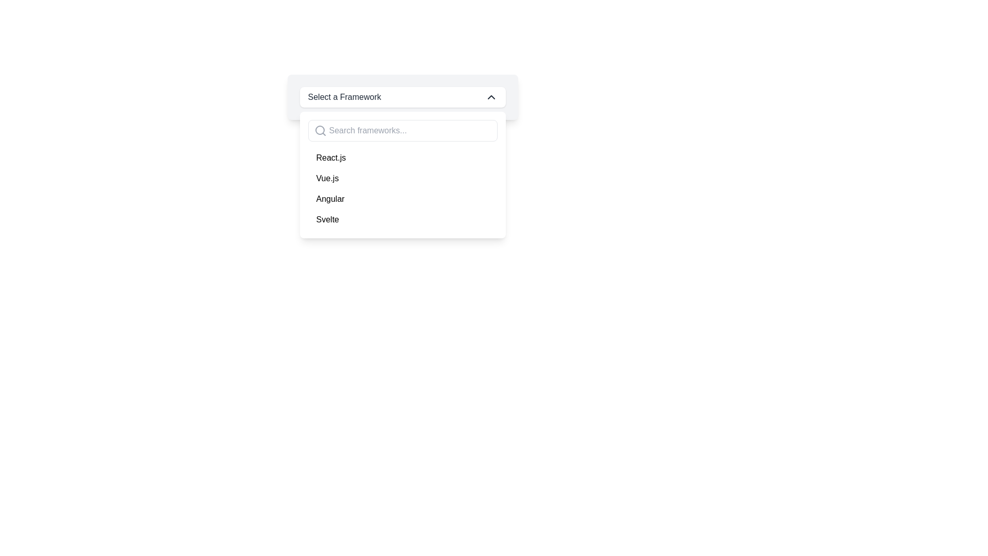  I want to click on to select the 'React.js' option from the dropdown menu, which is the first visible item beneath the search input field labeled 'Select a Framework', so click(402, 158).